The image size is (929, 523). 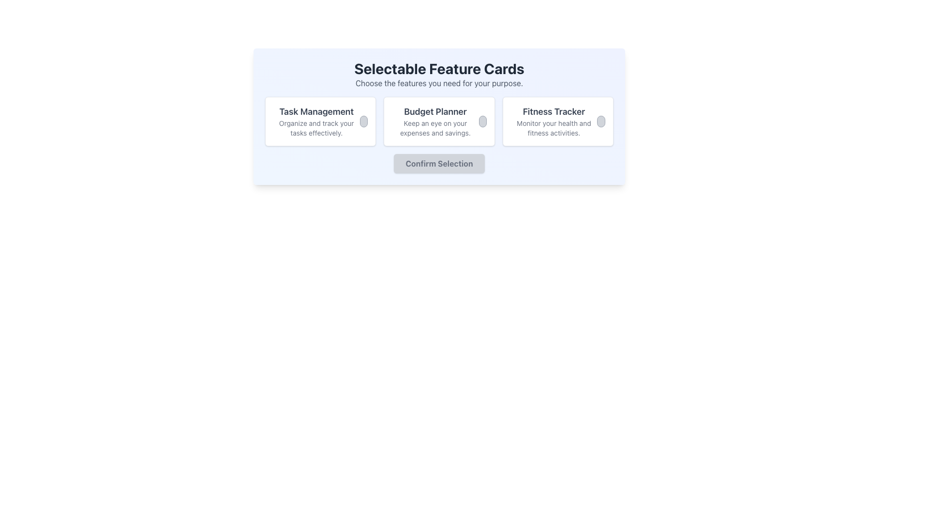 I want to click on the text label that reads 'Fitness Tracker' which is styled in a large bold font and is positioned at the top of the rightmost card in the 'Selectable Feature Cards' section, so click(x=554, y=111).